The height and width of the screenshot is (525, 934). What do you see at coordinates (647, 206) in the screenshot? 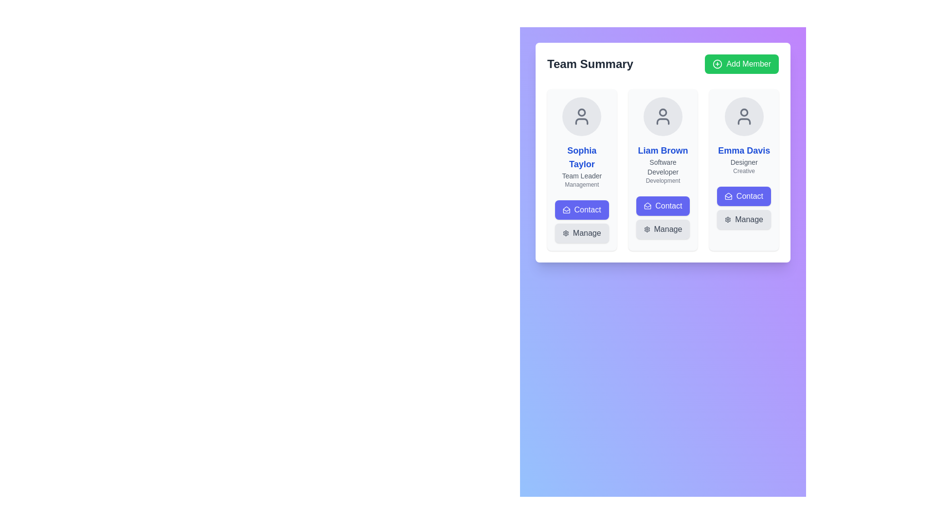
I see `the contact SVG icon located in the middle card under the name 'Liam Brown' in the 'Contact' button` at bounding box center [647, 206].